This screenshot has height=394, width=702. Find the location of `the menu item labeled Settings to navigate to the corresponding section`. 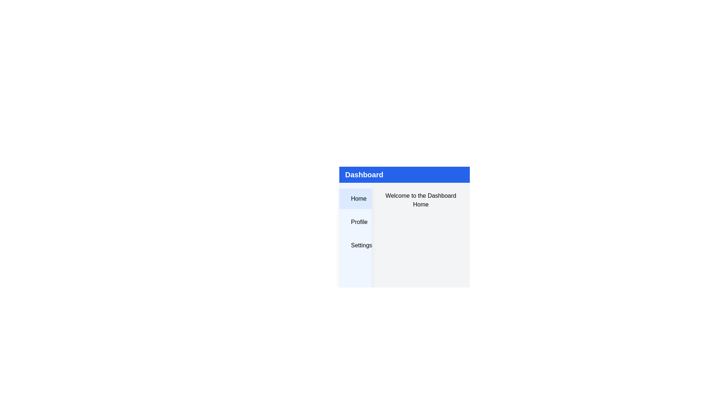

the menu item labeled Settings to navigate to the corresponding section is located at coordinates (355, 245).